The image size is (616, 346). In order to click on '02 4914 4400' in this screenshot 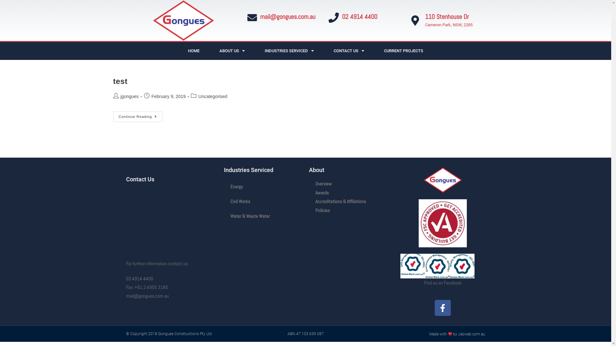, I will do `click(360, 16)`.